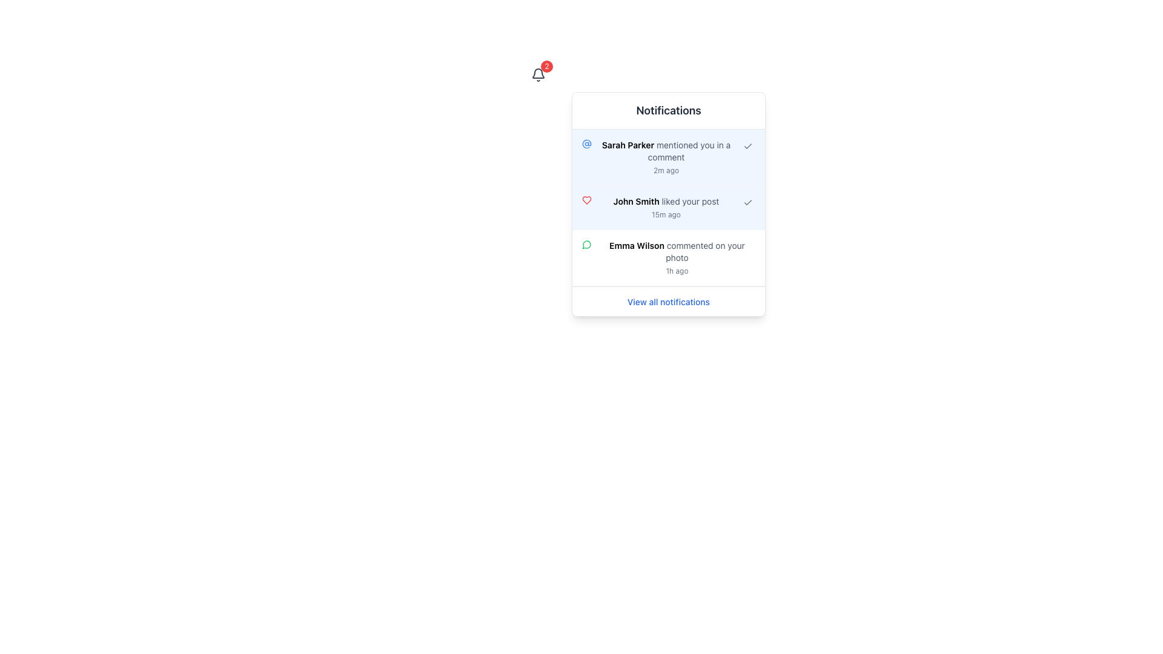 This screenshot has width=1163, height=654. What do you see at coordinates (636, 245) in the screenshot?
I see `the text label 'Emma Wilson' in the third notification item within the 'Notifications' dropdown panel` at bounding box center [636, 245].